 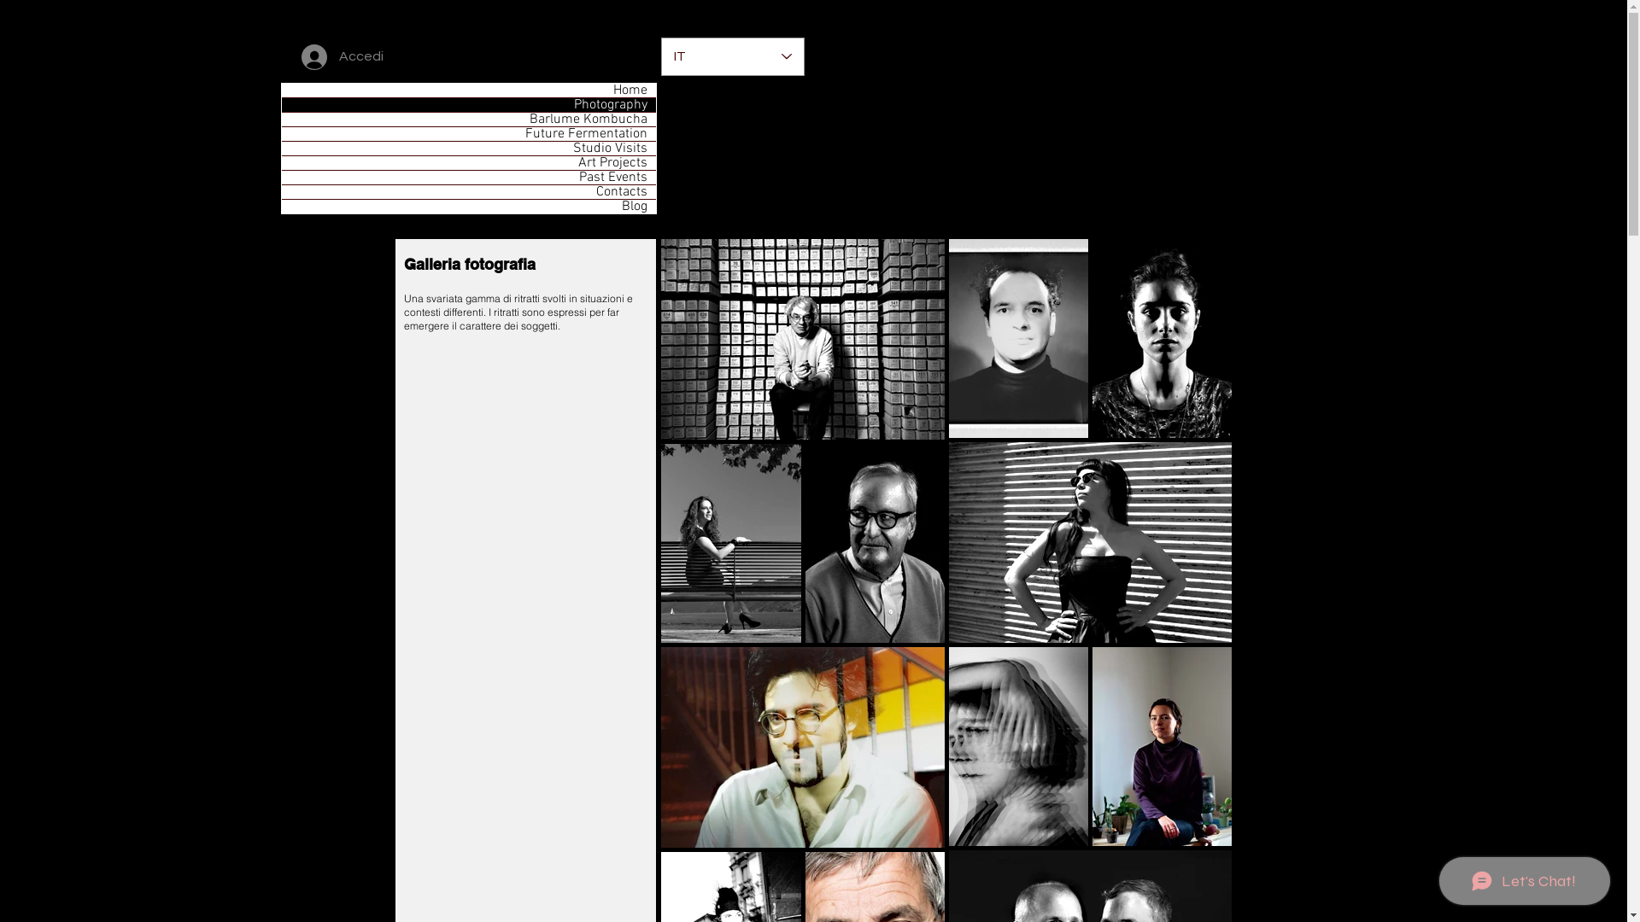 I want to click on 'Photography', so click(x=468, y=105).